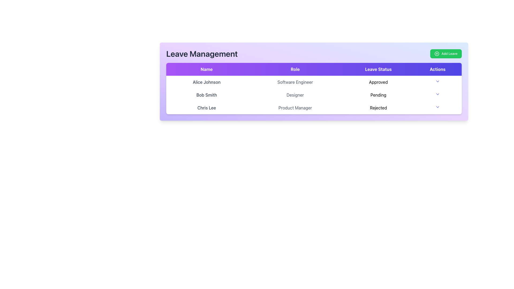  What do you see at coordinates (446, 54) in the screenshot?
I see `the 'Add Leave' button with a green background and rounded edges` at bounding box center [446, 54].